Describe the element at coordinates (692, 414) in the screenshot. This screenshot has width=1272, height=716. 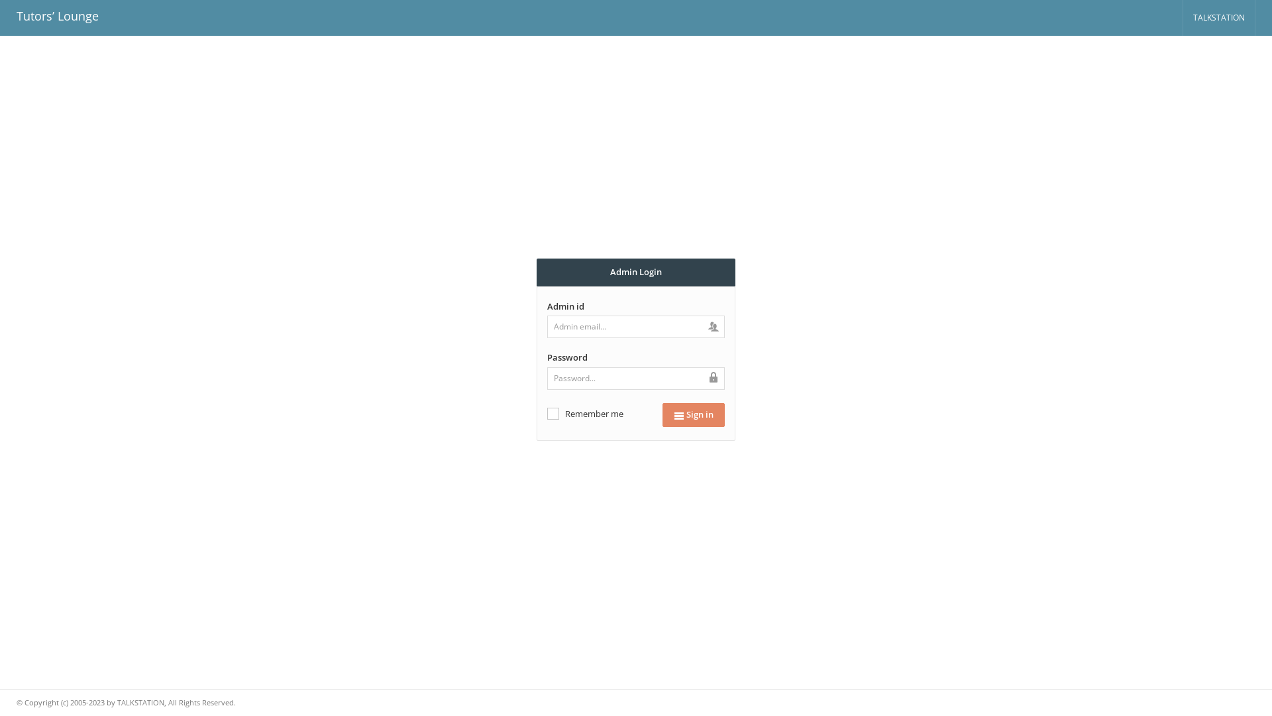
I see `'Sign in'` at that location.